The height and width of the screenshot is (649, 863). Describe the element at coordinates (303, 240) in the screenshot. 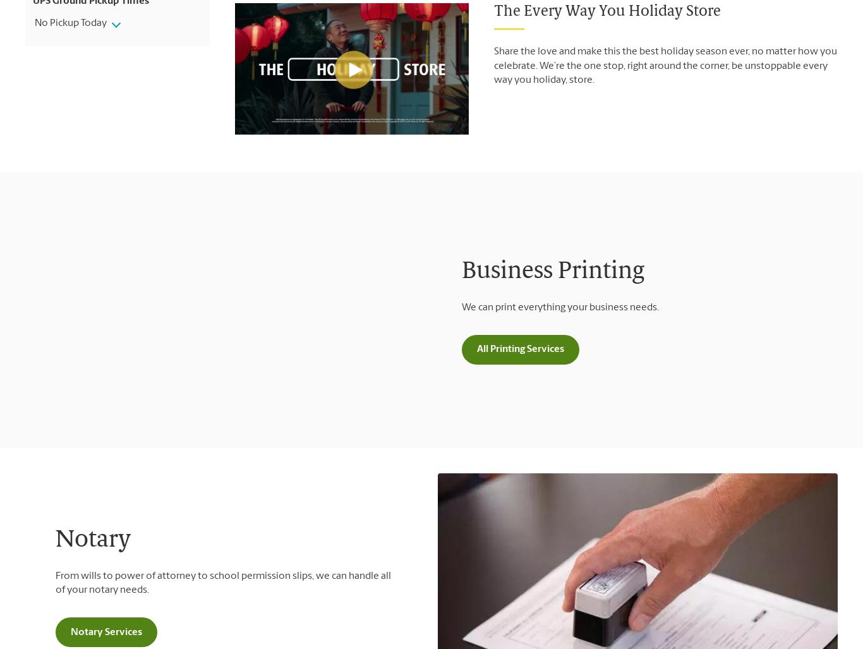

I see `'Samsung Pay'` at that location.